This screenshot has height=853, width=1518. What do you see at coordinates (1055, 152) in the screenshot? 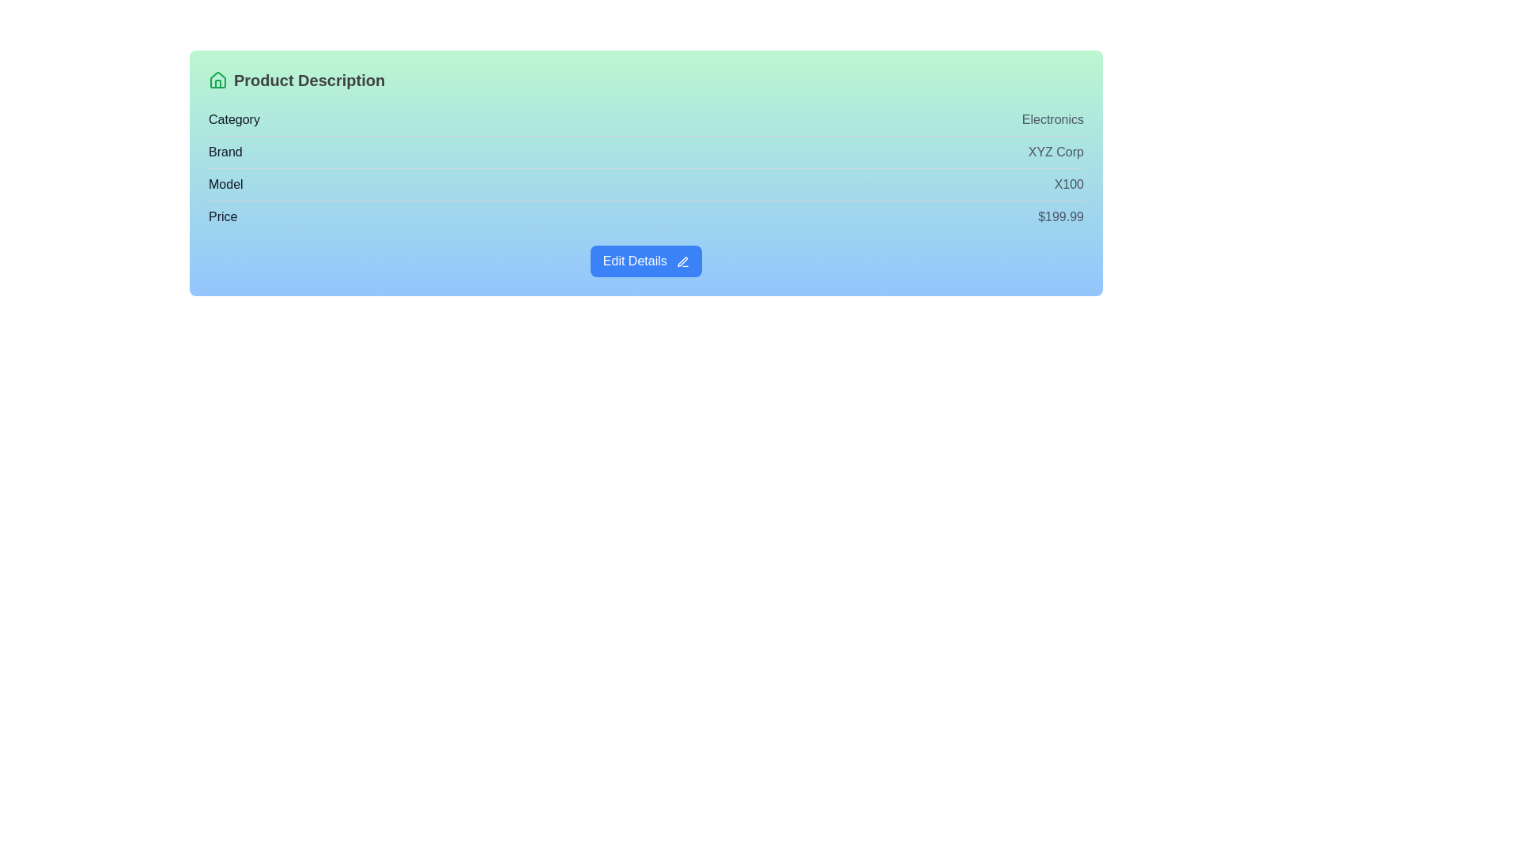
I see `text displayed in the Text label showing 'XYZ Corp', which is styled with a gray font and positioned to the right of the 'Brand' label` at bounding box center [1055, 152].